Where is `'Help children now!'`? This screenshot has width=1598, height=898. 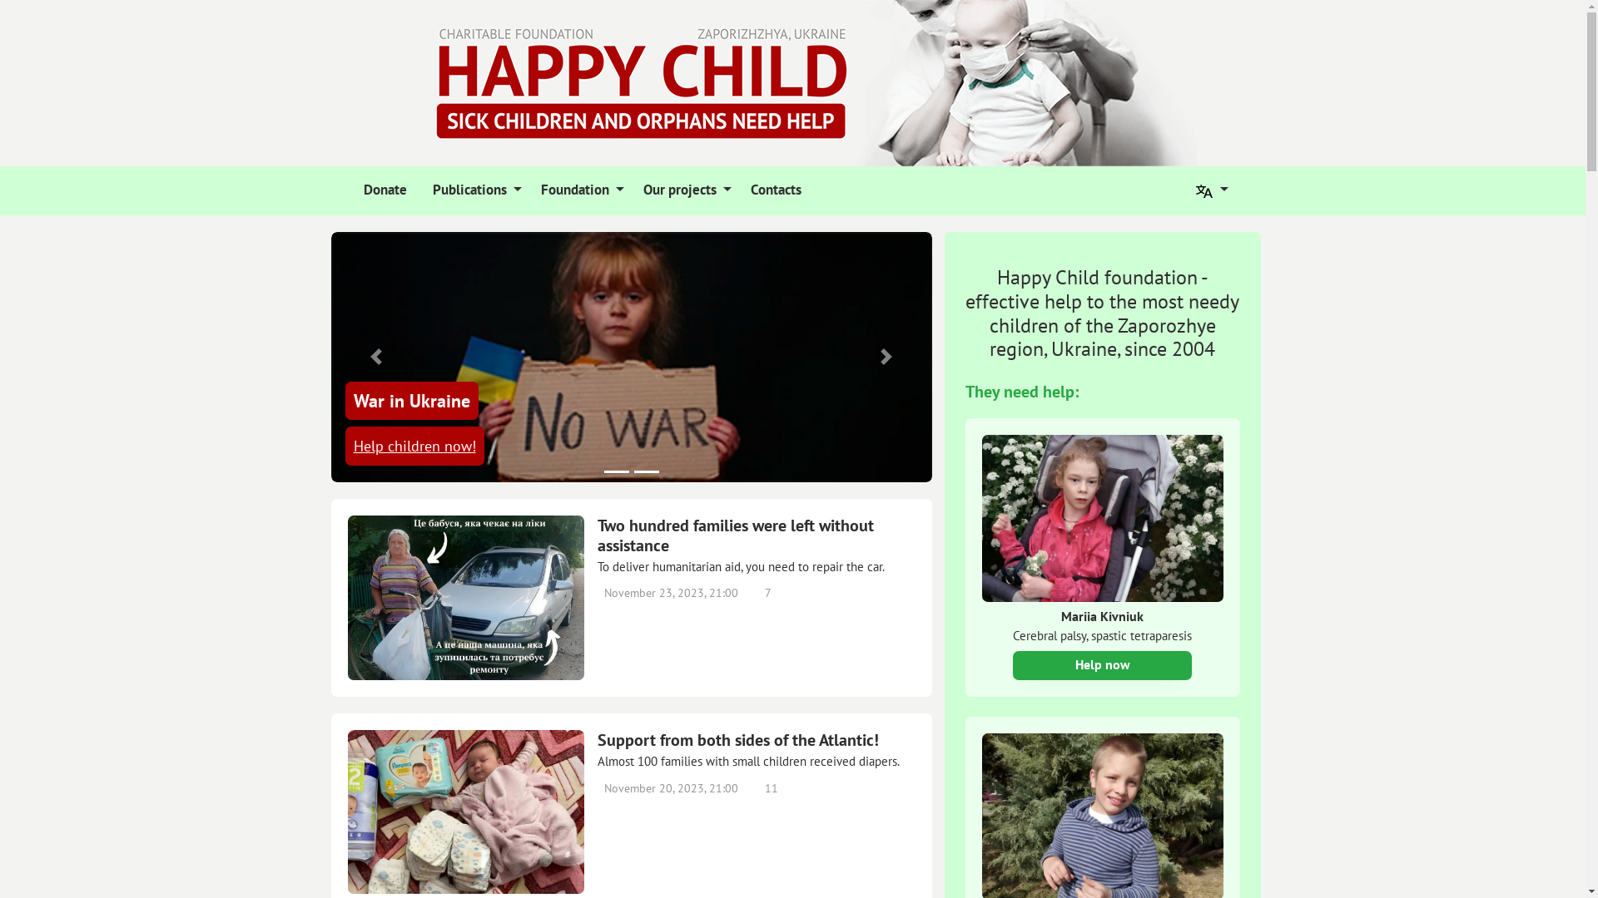
'Help children now!' is located at coordinates (414, 445).